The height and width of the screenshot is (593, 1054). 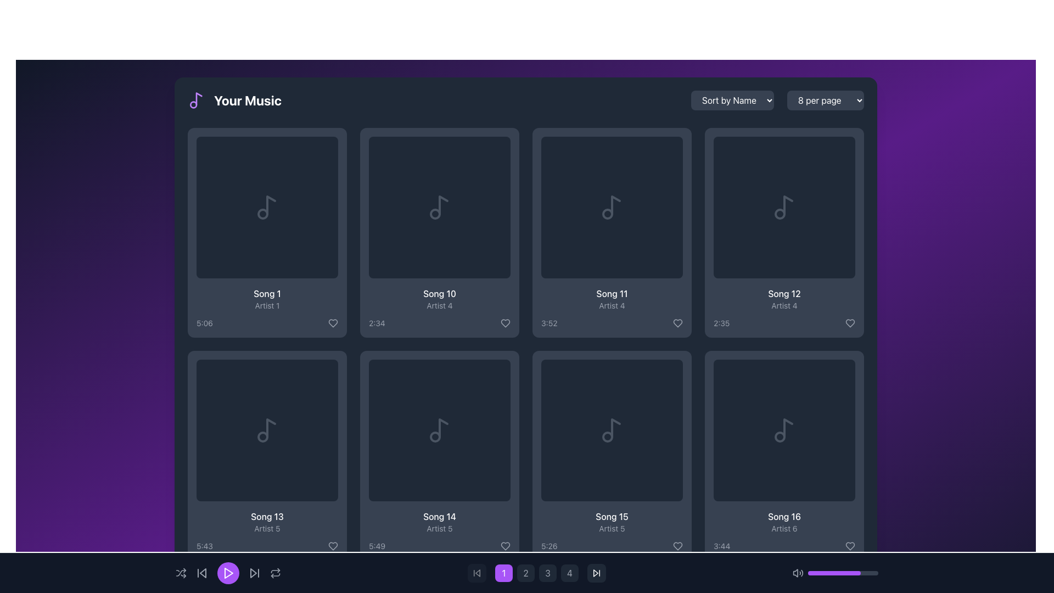 What do you see at coordinates (611, 429) in the screenshot?
I see `the play button for 'Song 15' to initiate playback` at bounding box center [611, 429].